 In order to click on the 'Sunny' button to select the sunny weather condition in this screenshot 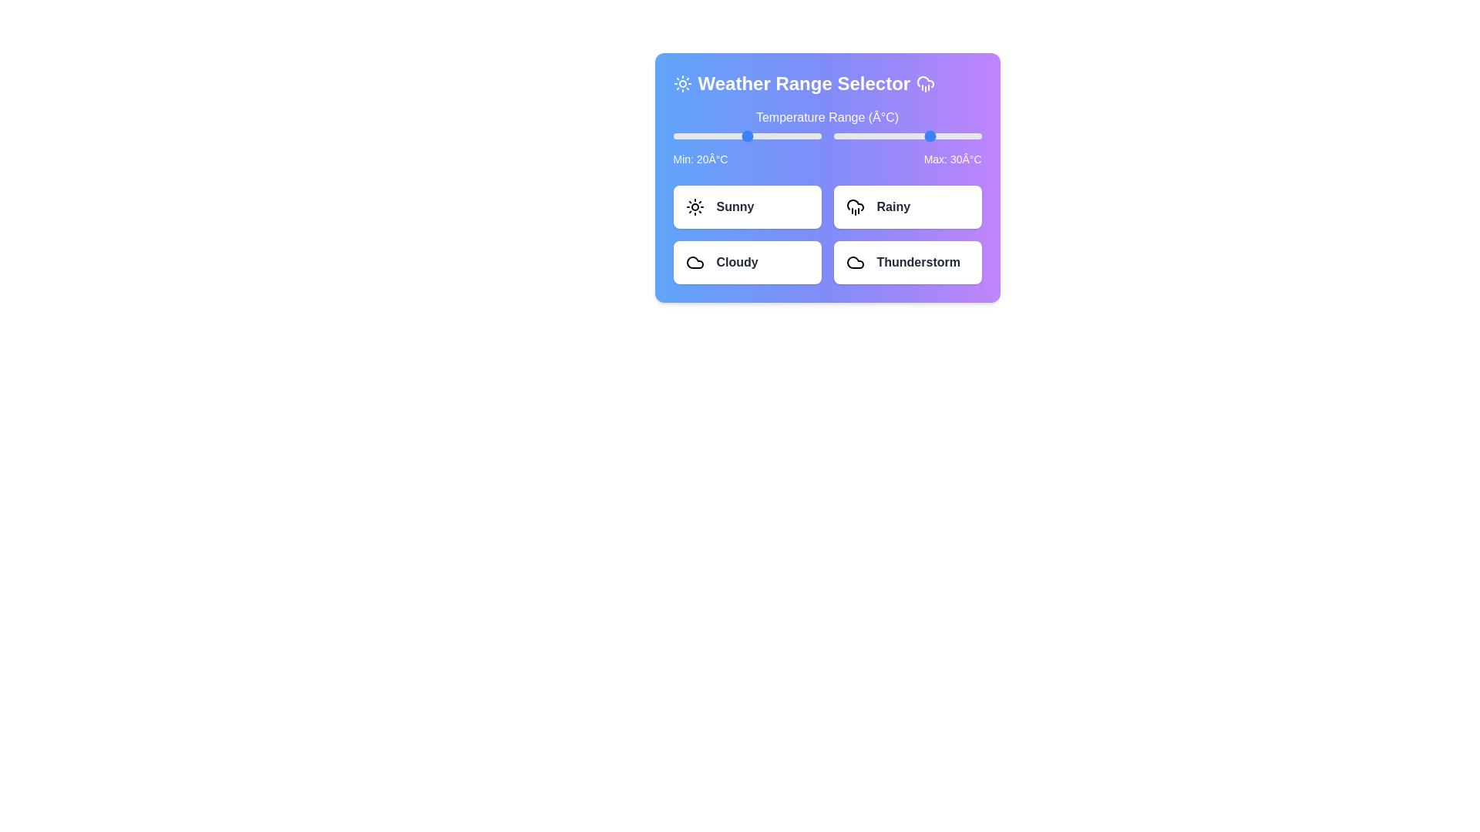, I will do `click(747, 206)`.